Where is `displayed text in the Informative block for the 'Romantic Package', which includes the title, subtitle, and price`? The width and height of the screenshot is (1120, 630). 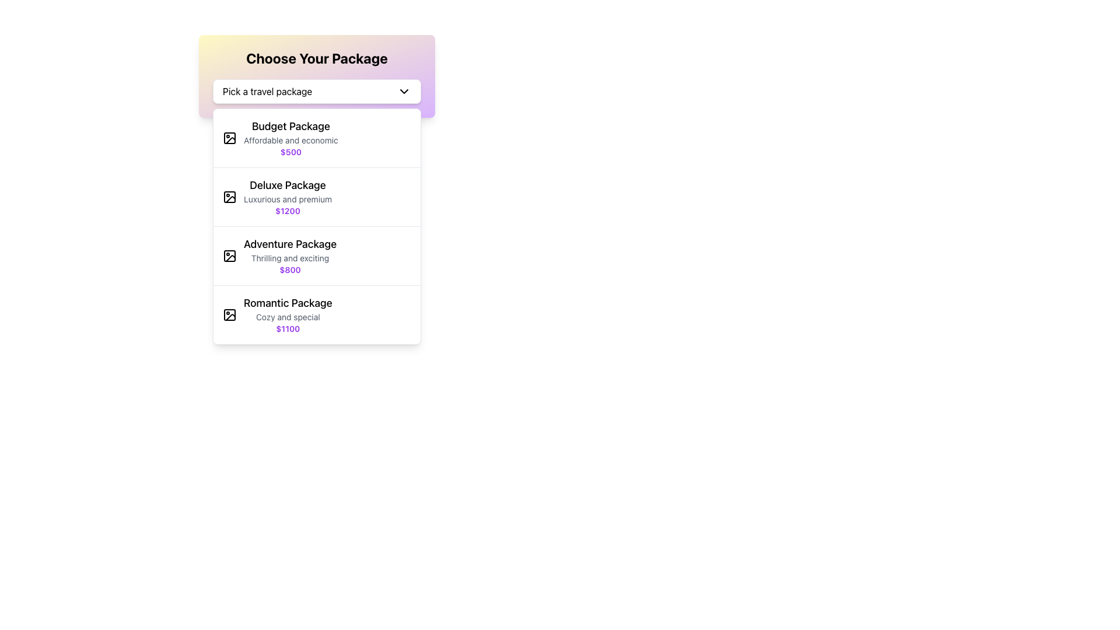
displayed text in the Informative block for the 'Romantic Package', which includes the title, subtitle, and price is located at coordinates (288, 315).